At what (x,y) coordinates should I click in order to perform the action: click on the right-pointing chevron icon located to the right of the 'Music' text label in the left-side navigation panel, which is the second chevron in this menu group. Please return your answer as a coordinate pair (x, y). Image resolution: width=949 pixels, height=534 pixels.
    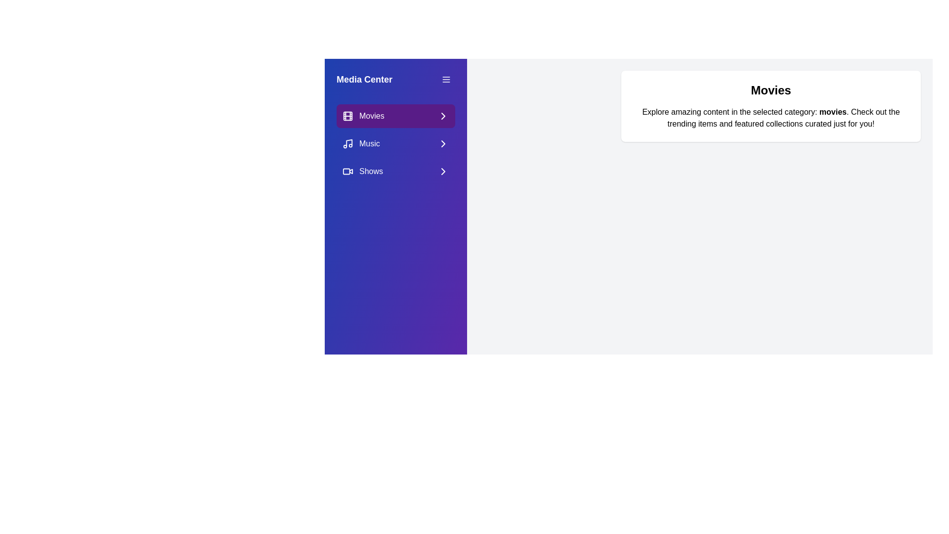
    Looking at the image, I should click on (443, 143).